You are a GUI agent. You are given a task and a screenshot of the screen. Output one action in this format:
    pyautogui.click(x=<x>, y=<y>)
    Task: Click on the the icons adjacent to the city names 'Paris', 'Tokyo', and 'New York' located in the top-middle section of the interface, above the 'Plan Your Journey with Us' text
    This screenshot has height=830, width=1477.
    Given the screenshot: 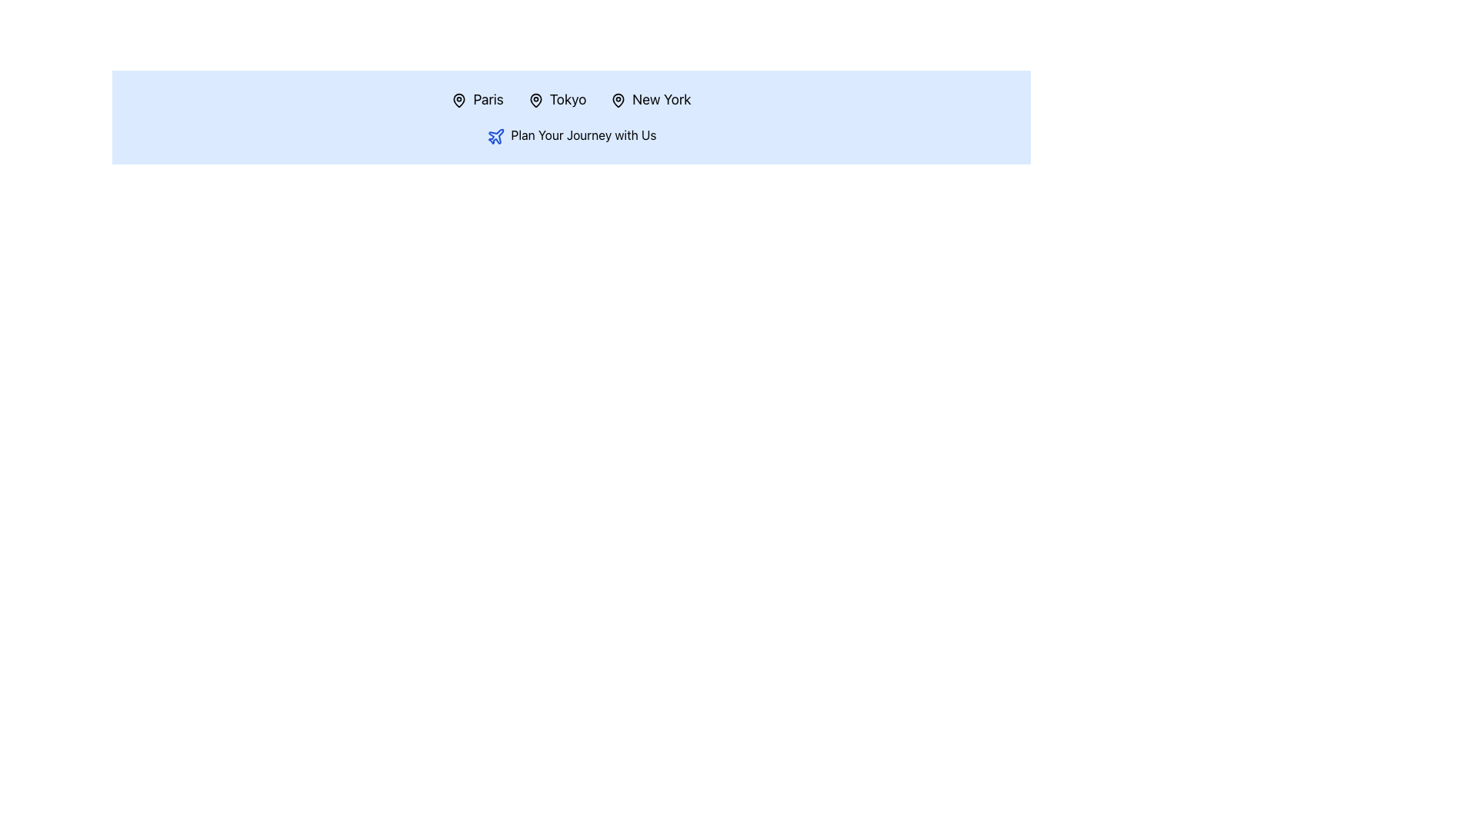 What is the action you would take?
    pyautogui.click(x=571, y=100)
    